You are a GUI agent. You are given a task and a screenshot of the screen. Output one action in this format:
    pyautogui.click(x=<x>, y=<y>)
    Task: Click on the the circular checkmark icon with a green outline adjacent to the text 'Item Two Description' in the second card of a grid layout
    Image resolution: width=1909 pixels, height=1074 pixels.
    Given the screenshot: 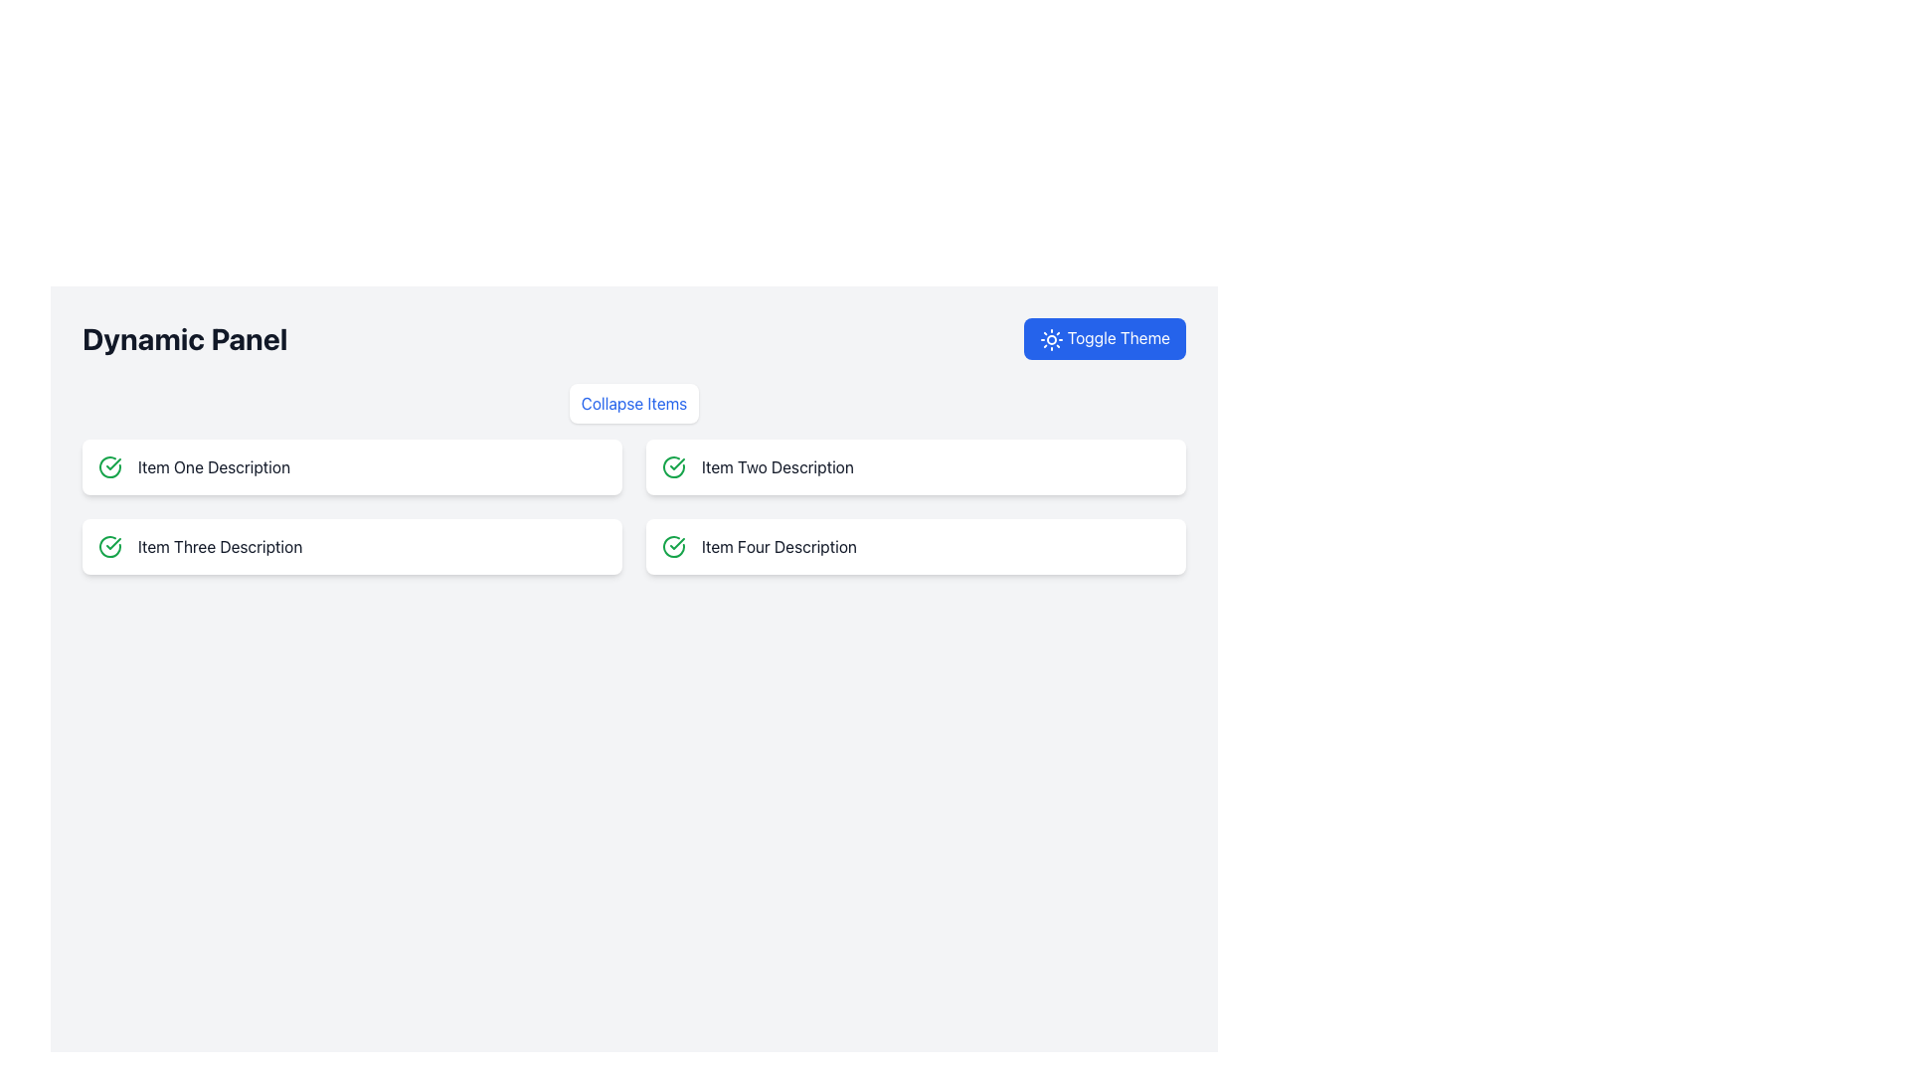 What is the action you would take?
    pyautogui.click(x=673, y=466)
    